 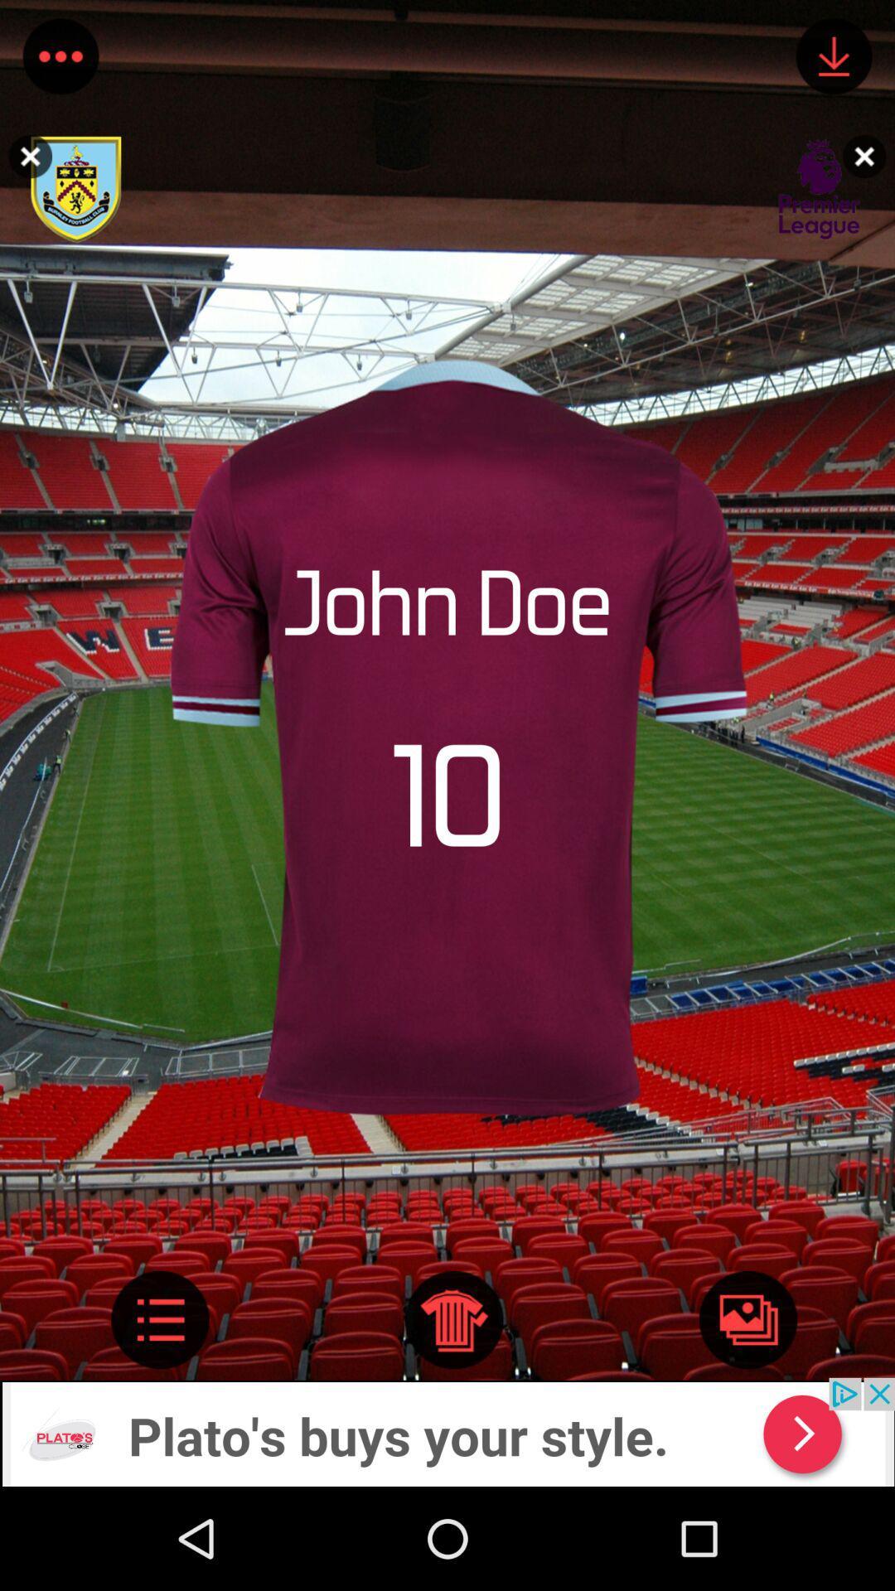 What do you see at coordinates (834, 60) in the screenshot?
I see `the file_download icon` at bounding box center [834, 60].